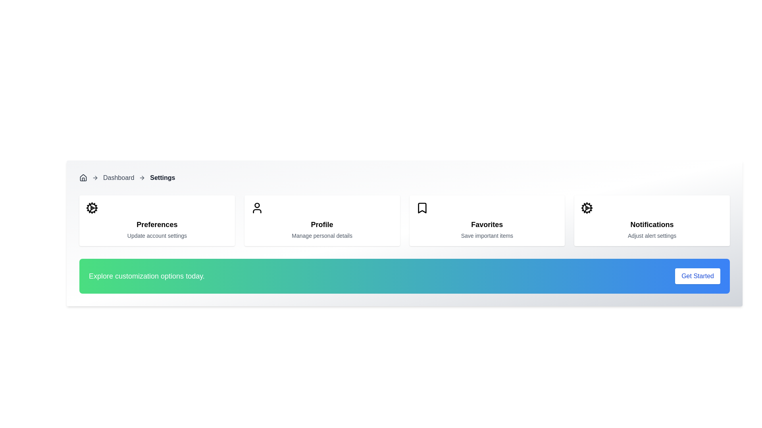  I want to click on the navigation icon located at the far left of the breadcrumb navigation bar, so click(83, 177).